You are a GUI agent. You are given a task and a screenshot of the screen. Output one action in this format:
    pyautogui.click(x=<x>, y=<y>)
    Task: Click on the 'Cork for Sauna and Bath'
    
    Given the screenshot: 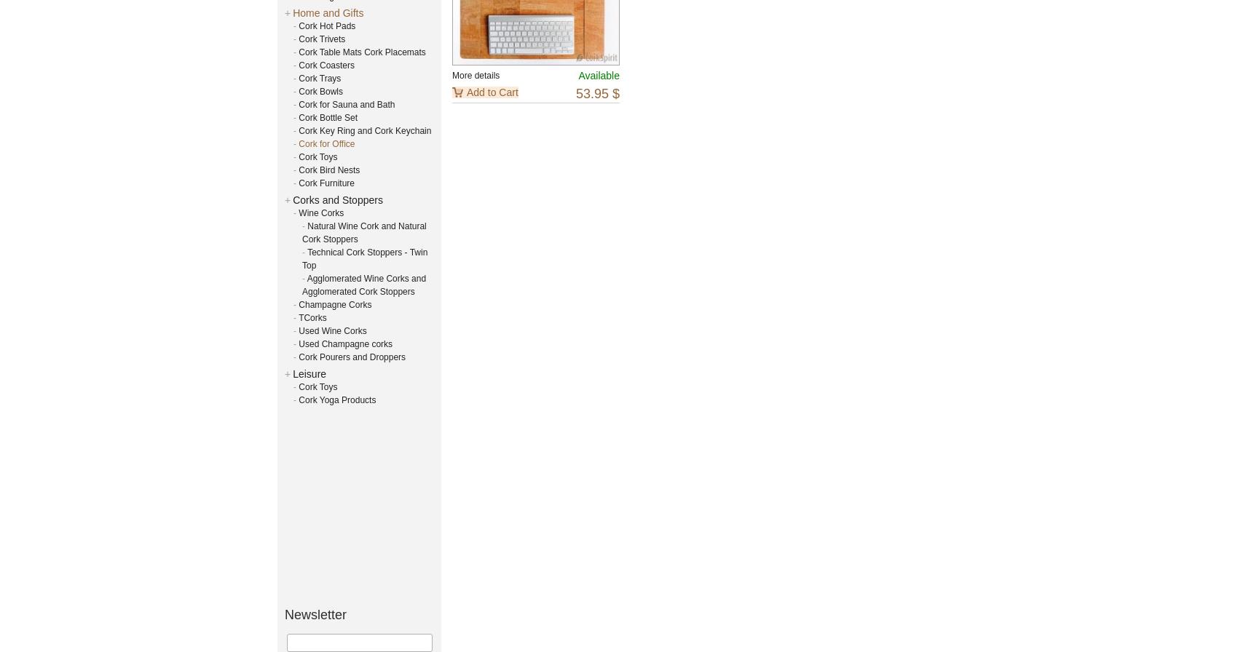 What is the action you would take?
    pyautogui.click(x=345, y=104)
    